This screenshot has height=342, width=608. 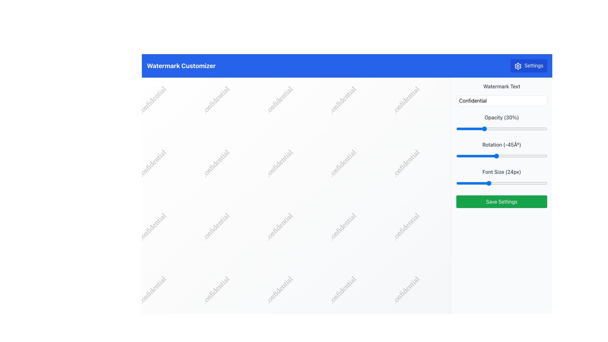 What do you see at coordinates (518, 66) in the screenshot?
I see `the settings icon located inside the blue button labeled 'Settings' in the top-right corner of the interface header bar` at bounding box center [518, 66].